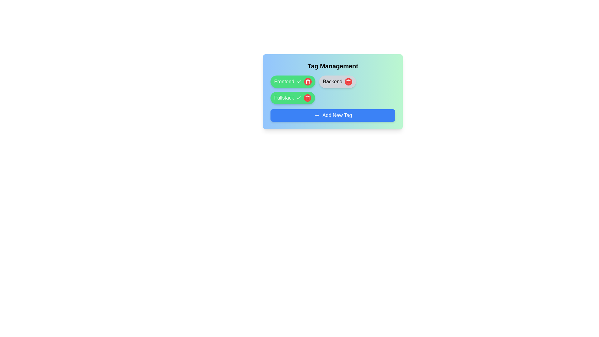 Image resolution: width=599 pixels, height=337 pixels. What do you see at coordinates (308, 98) in the screenshot?
I see `the tag with label Fullstack` at bounding box center [308, 98].